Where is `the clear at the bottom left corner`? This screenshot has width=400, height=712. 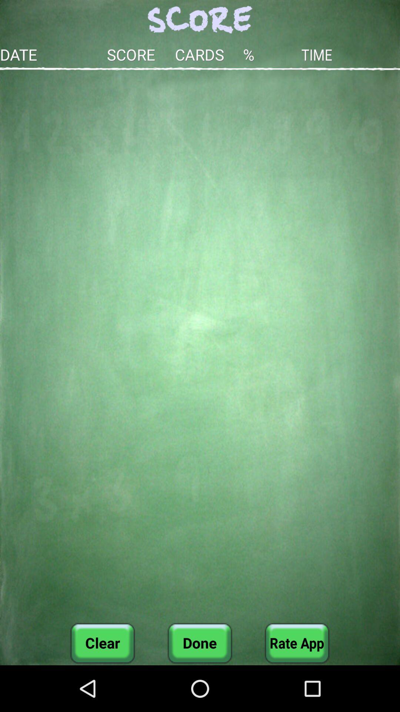
the clear at the bottom left corner is located at coordinates (103, 643).